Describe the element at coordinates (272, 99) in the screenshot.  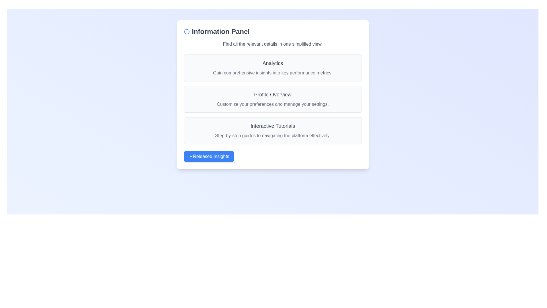
I see `the titles within the Informational Component that displays analytics insights, profile customization, and interactive tutorials, as interactive links are enabled` at that location.